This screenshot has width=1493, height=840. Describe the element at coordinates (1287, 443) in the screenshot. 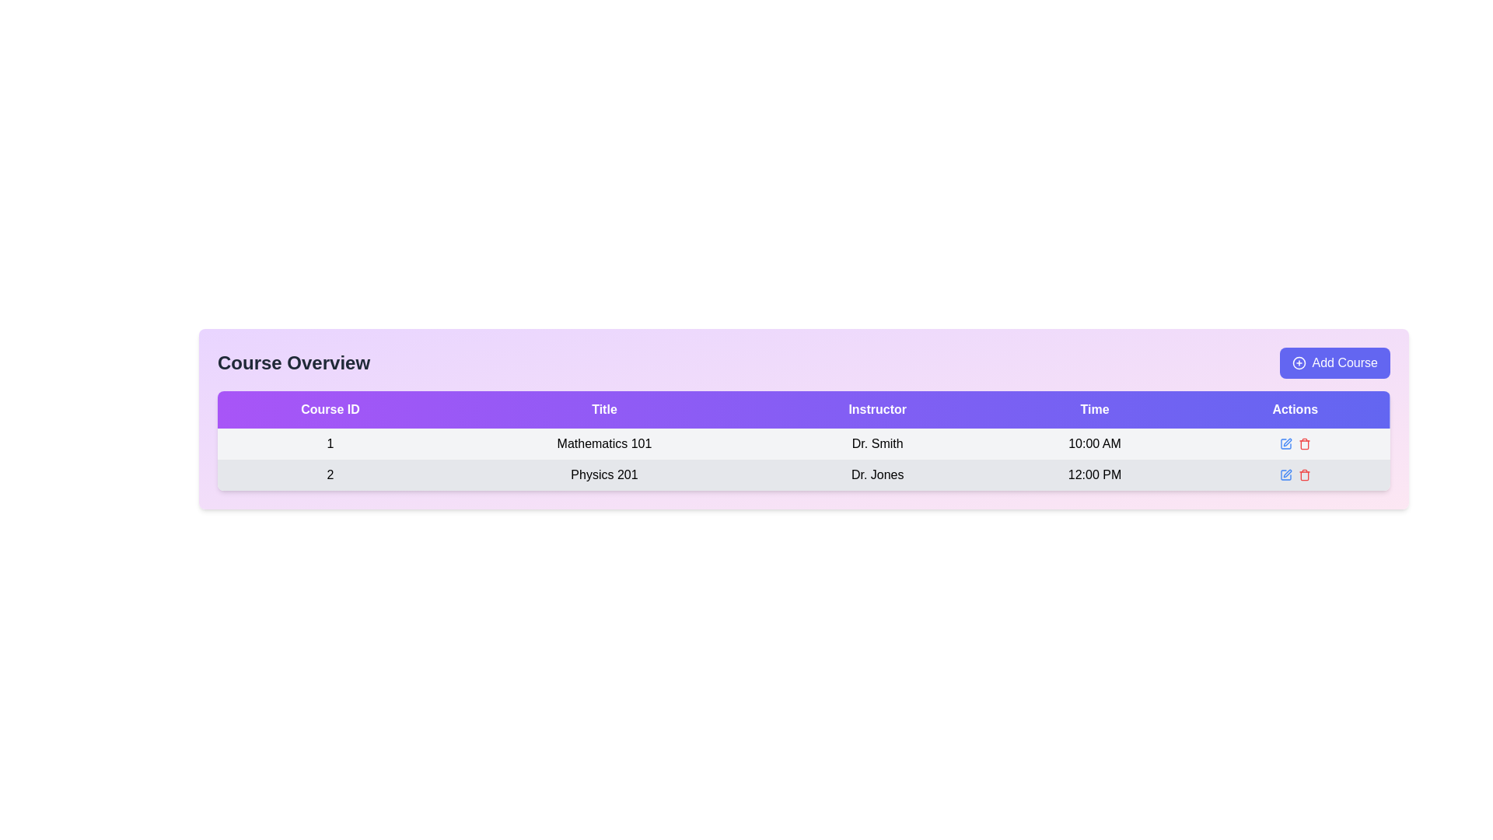

I see `the pen icon button located in the 'Actions' column of the row for the course 'Mathematics 101'` at that location.